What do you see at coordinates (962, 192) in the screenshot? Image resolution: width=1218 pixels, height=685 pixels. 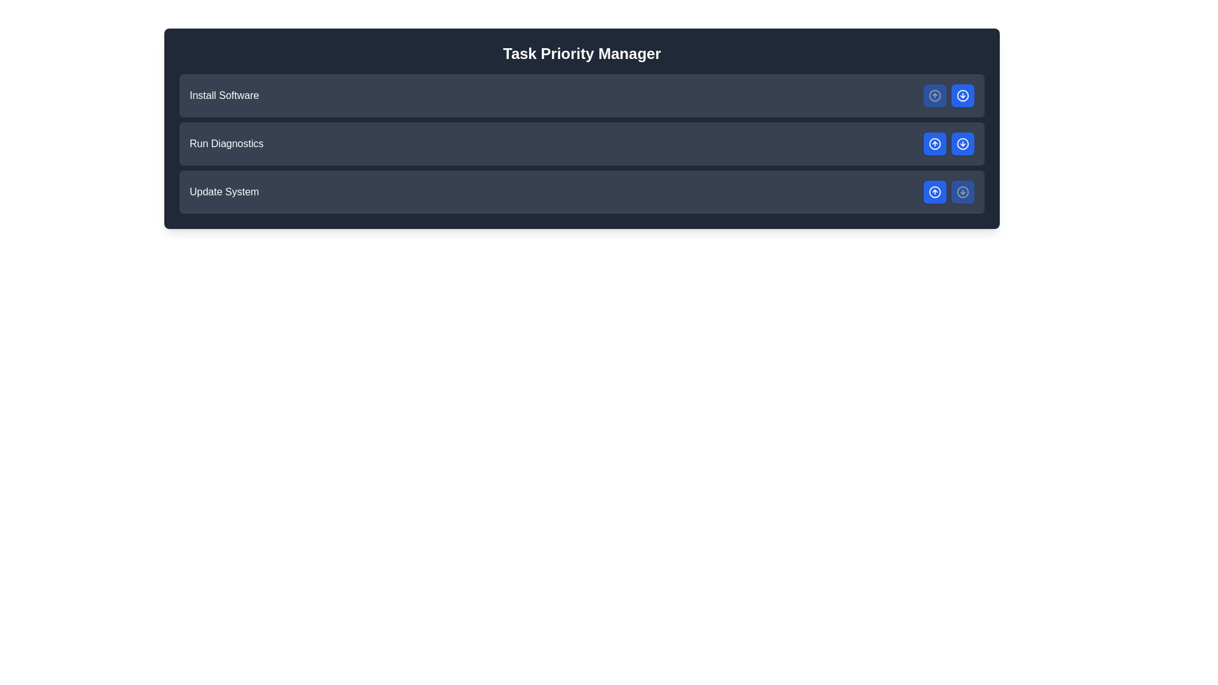 I see `the icon or button located in the bottom-most row of the vertically stacked list, positioned towards the right side of the row, which indicates an action or status` at bounding box center [962, 192].